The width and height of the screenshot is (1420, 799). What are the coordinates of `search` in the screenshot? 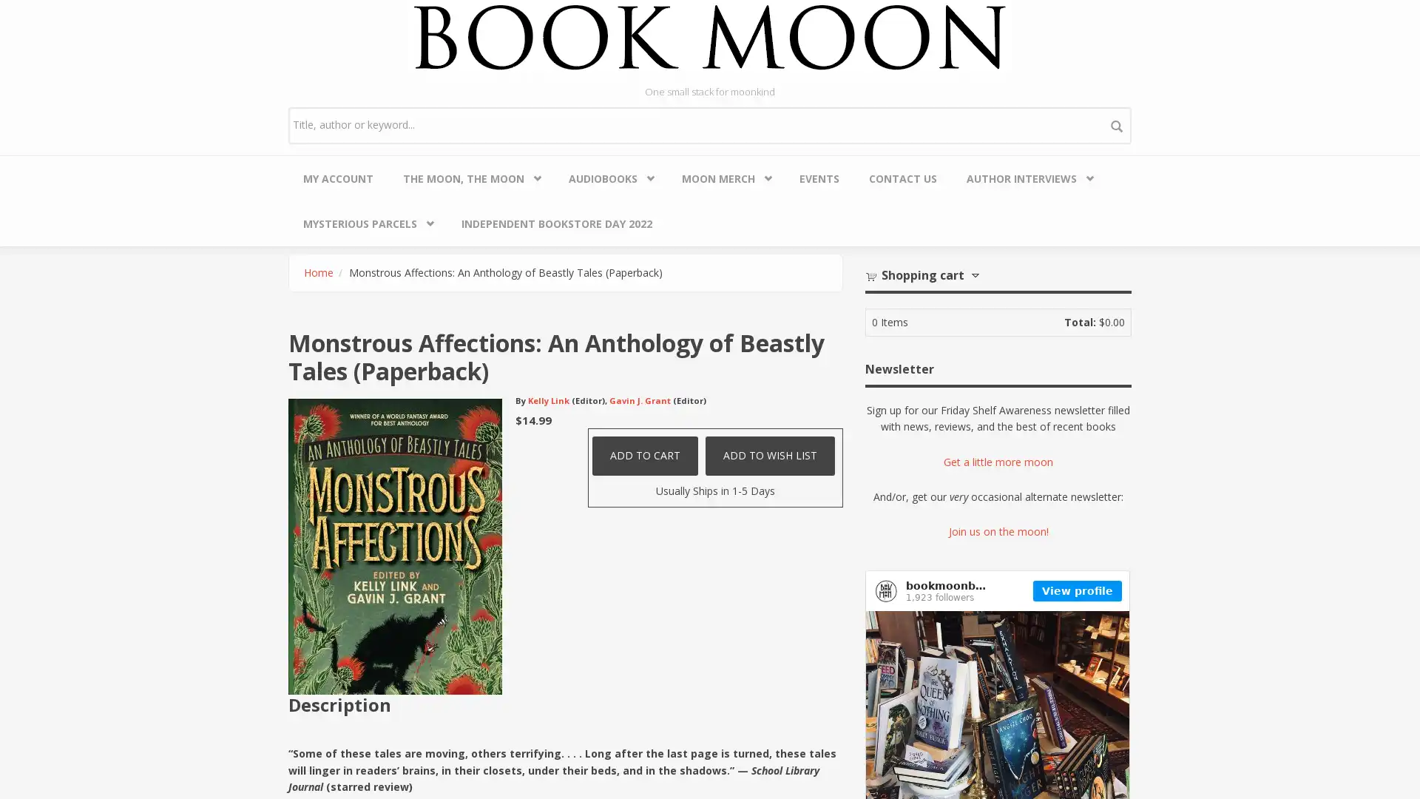 It's located at (1117, 124).